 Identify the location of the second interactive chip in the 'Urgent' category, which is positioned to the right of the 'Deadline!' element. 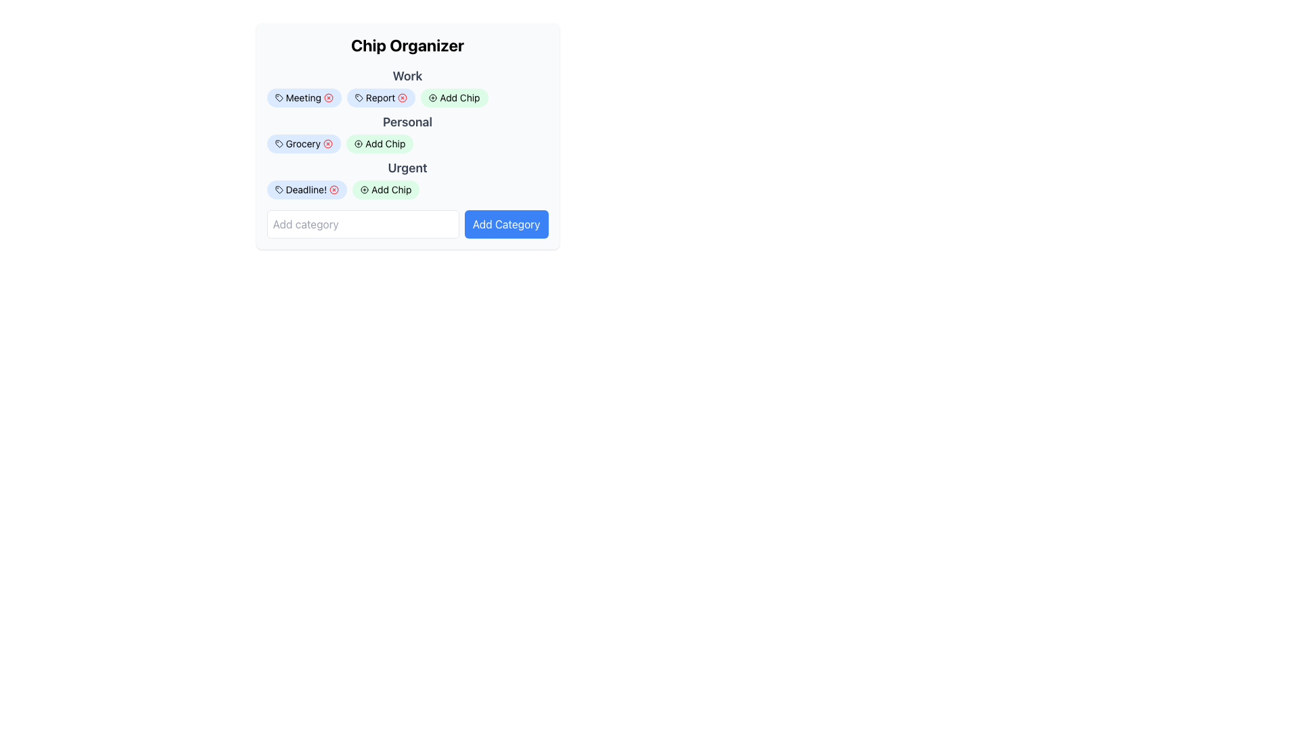
(407, 190).